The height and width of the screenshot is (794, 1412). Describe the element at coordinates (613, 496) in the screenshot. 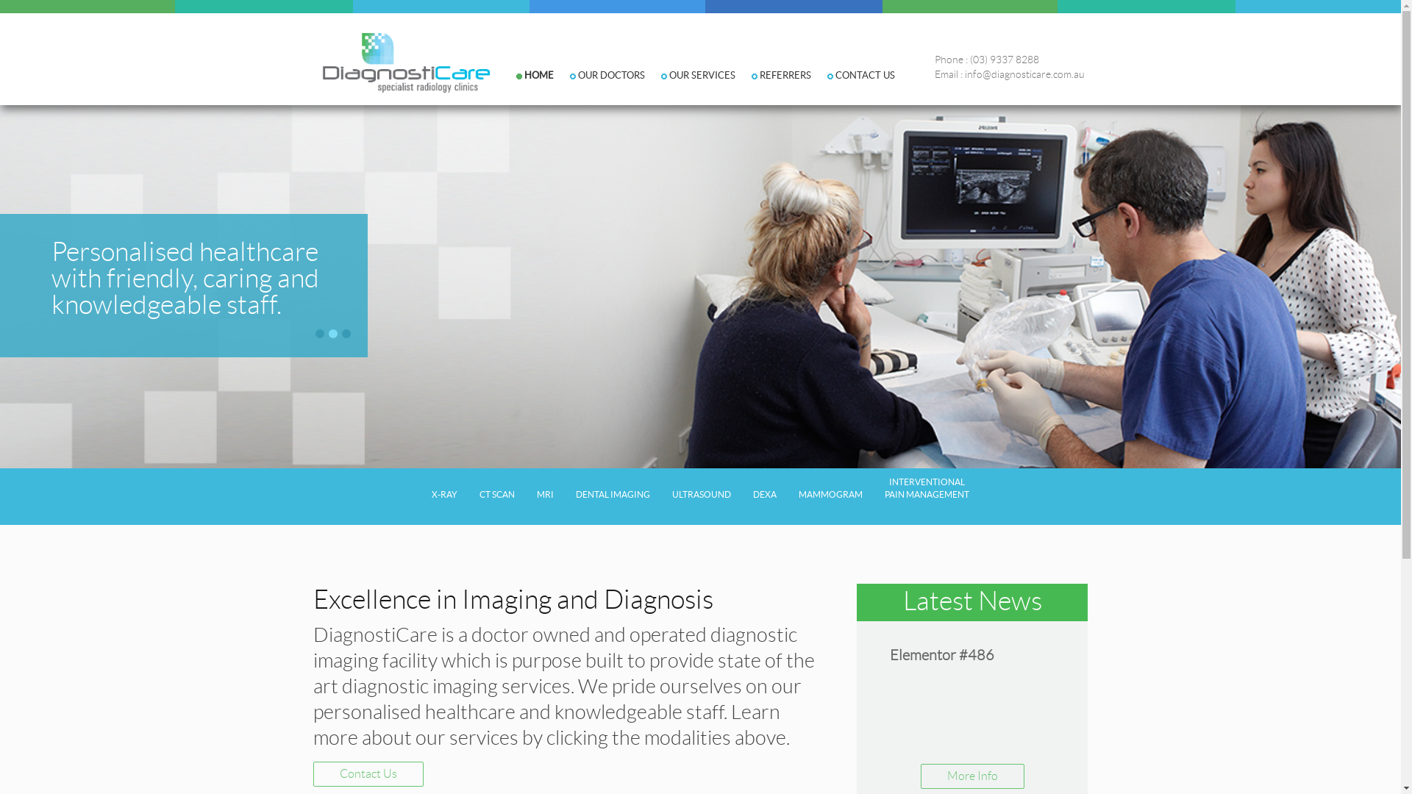

I see `'DENTAL IMAGING'` at that location.